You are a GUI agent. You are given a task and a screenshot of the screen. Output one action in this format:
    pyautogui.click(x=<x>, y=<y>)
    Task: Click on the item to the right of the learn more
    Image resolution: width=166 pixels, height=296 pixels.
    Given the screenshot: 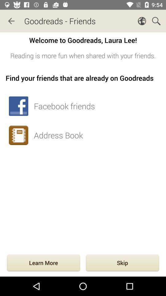 What is the action you would take?
    pyautogui.click(x=122, y=263)
    